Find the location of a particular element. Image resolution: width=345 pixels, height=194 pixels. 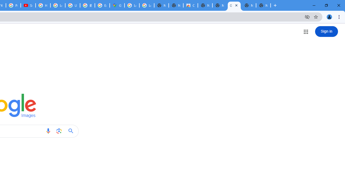

'Explore new street-level details - Google Maps Help' is located at coordinates (102, 5).